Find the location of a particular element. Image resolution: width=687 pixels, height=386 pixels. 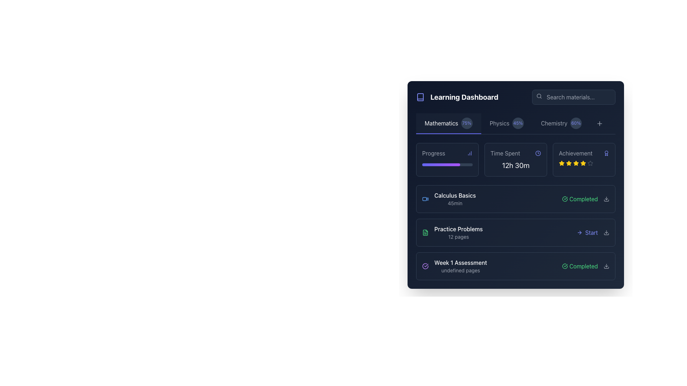

the 'Practice Problems' list item in the learning dashboard is located at coordinates (516, 233).